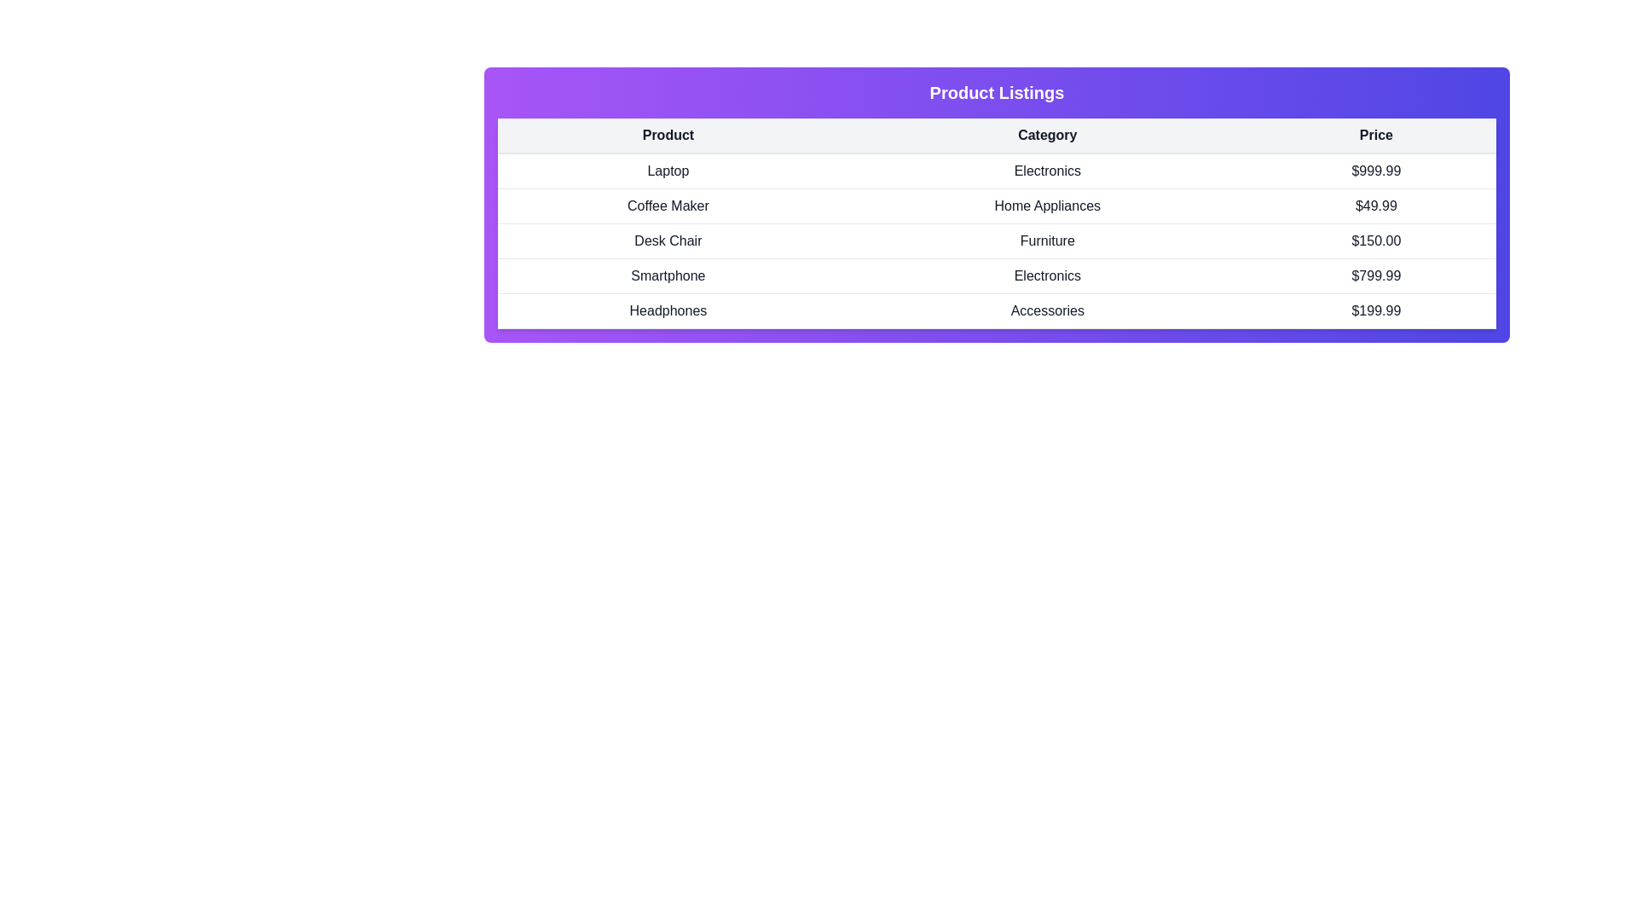 This screenshot has width=1637, height=921. Describe the element at coordinates (997, 240) in the screenshot. I see `the third row` at that location.